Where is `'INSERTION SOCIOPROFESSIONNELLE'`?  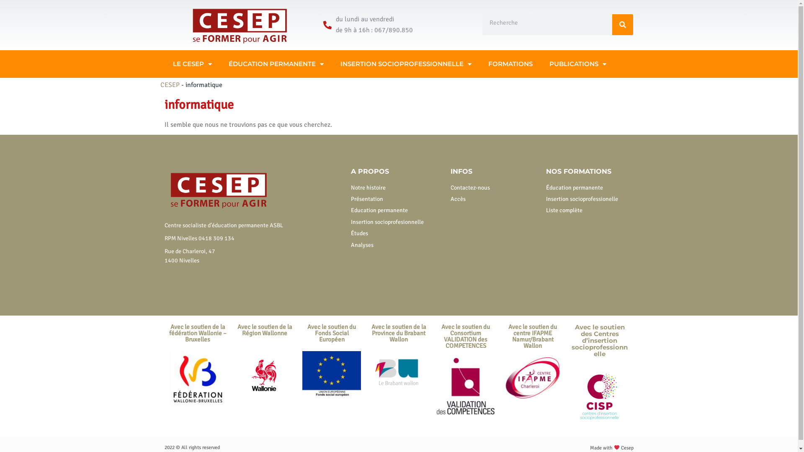
'INSERTION SOCIOPROFESSIONNELLE' is located at coordinates (405, 64).